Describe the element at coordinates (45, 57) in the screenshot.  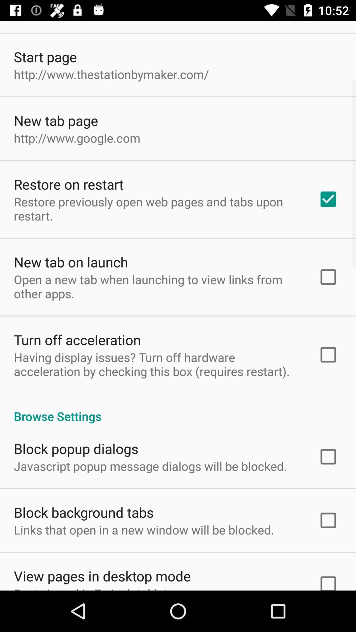
I see `the app above the http www thestationbymaker` at that location.